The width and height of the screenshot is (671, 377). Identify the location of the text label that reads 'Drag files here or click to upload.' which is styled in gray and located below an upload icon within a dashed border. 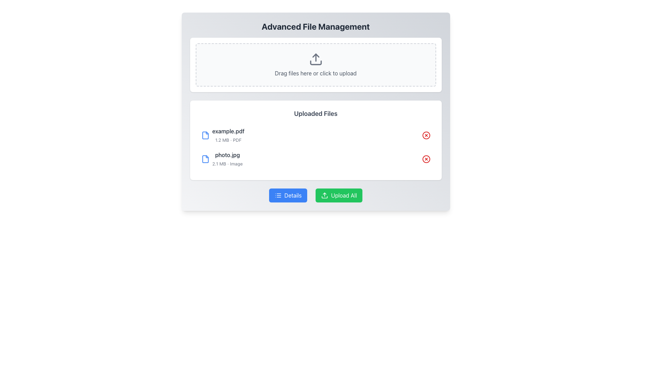
(315, 73).